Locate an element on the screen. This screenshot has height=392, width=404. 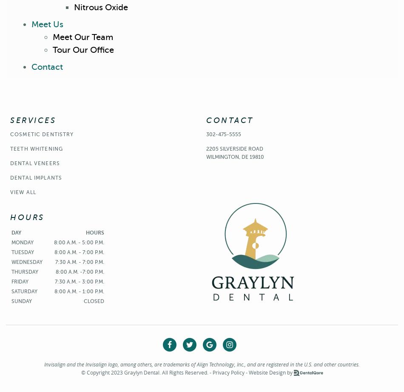
'by' is located at coordinates (289, 372).